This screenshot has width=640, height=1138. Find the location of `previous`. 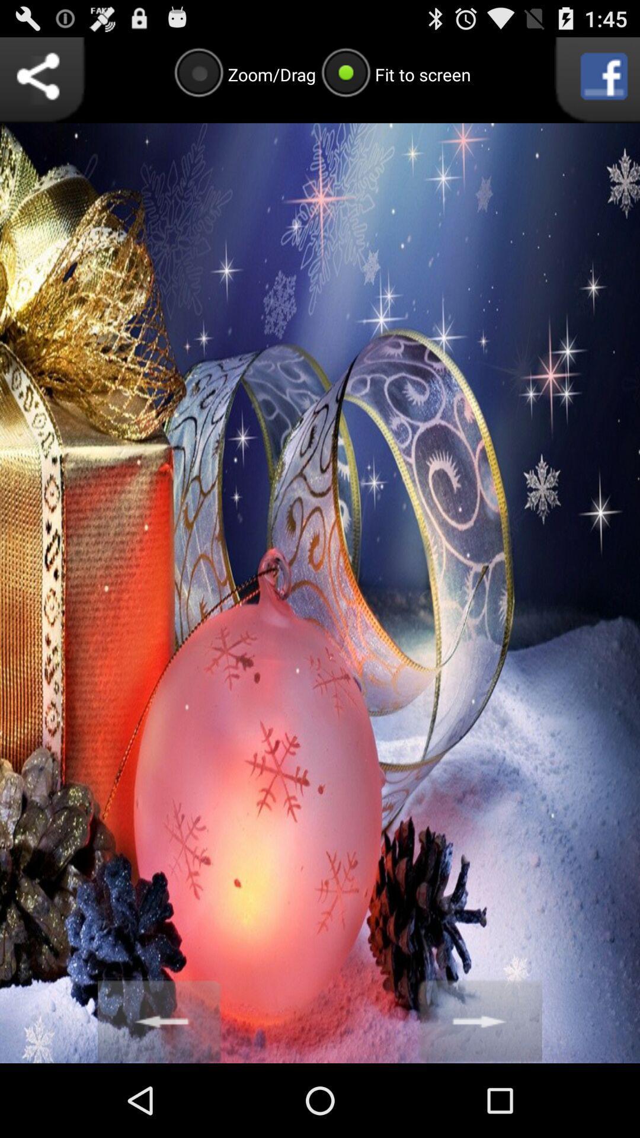

previous is located at coordinates (160, 1019).